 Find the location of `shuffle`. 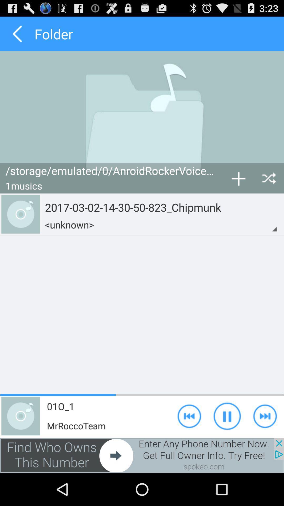

shuffle is located at coordinates (269, 178).